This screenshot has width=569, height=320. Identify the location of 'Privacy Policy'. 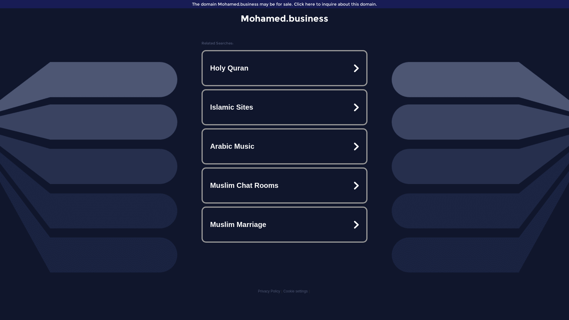
(268, 291).